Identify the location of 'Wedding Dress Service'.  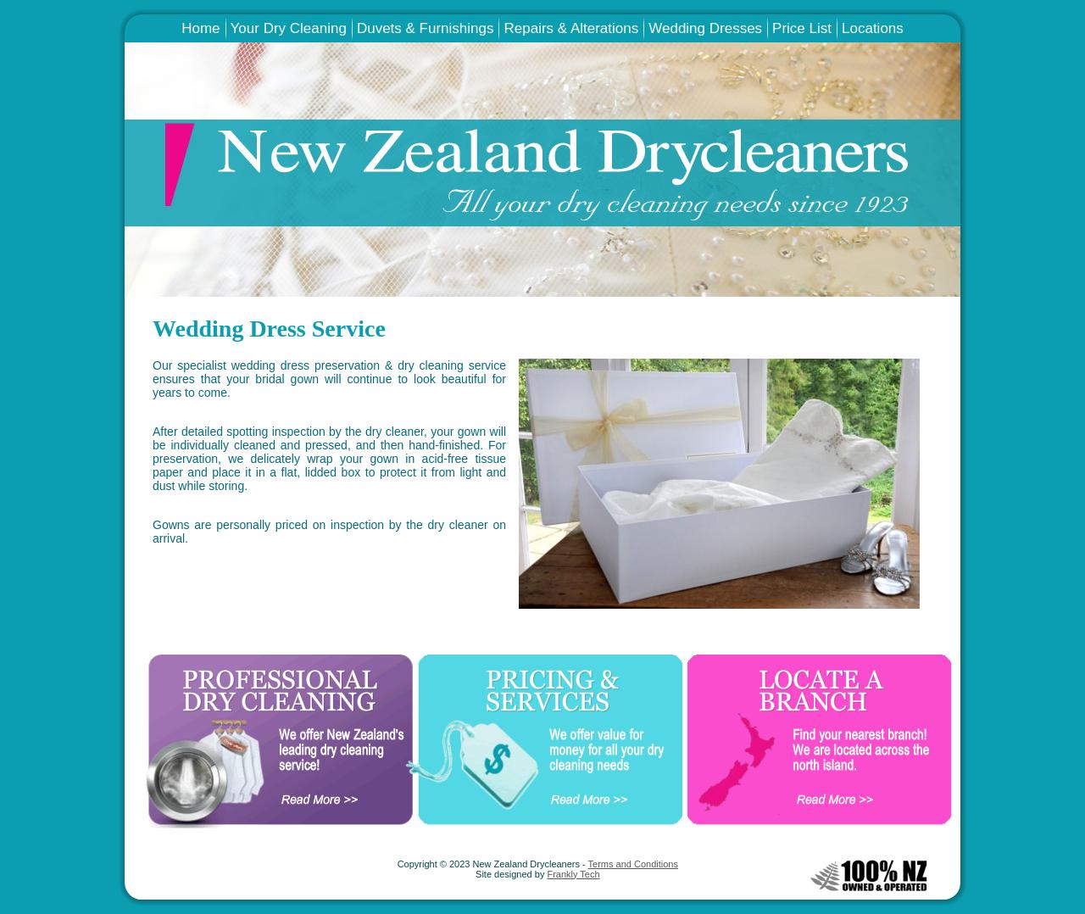
(152, 326).